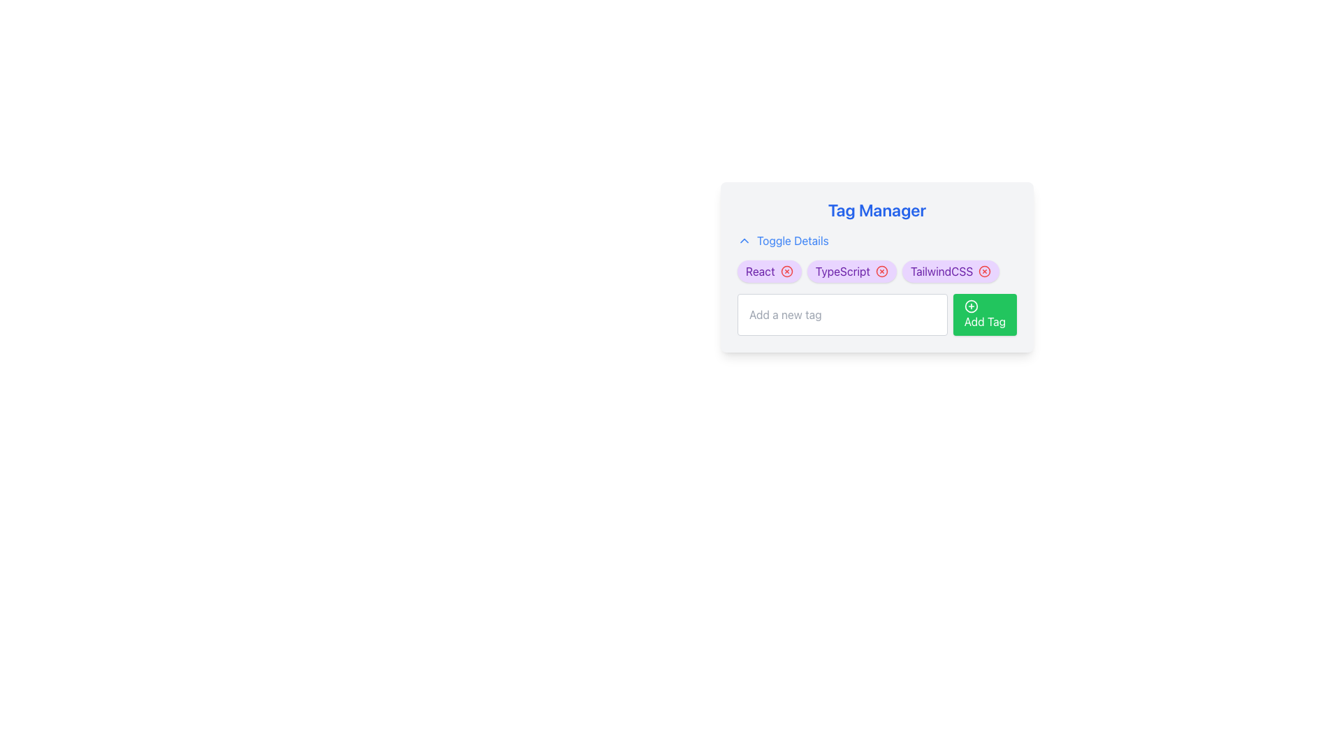 This screenshot has height=754, width=1341. What do you see at coordinates (759, 272) in the screenshot?
I see `the 'React' tag, which is the first element in the horizontal list under the 'Tag Manager' header` at bounding box center [759, 272].